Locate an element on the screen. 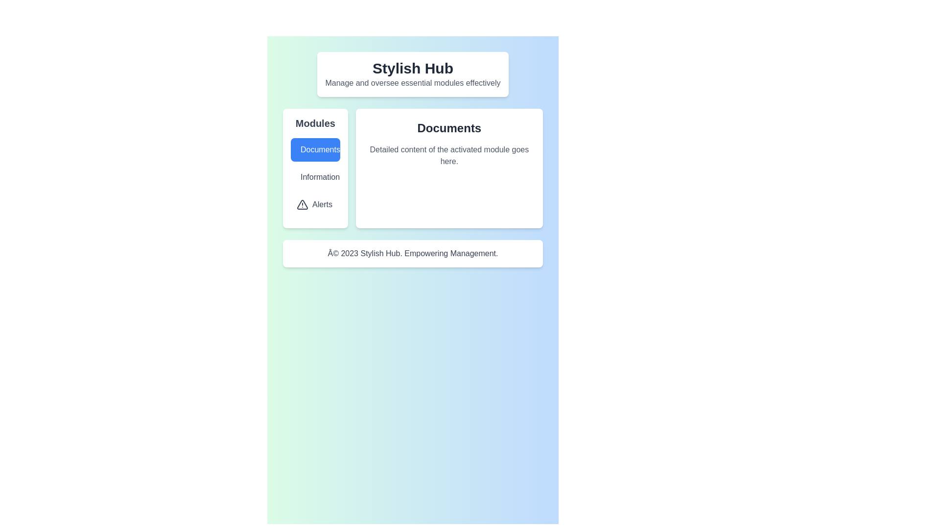  the 'Documents' navigation button located in the vertical menu on the left, positioned above 'Information' and 'Alerts' in the 'Modules' section to observe hover effects is located at coordinates (315, 149).